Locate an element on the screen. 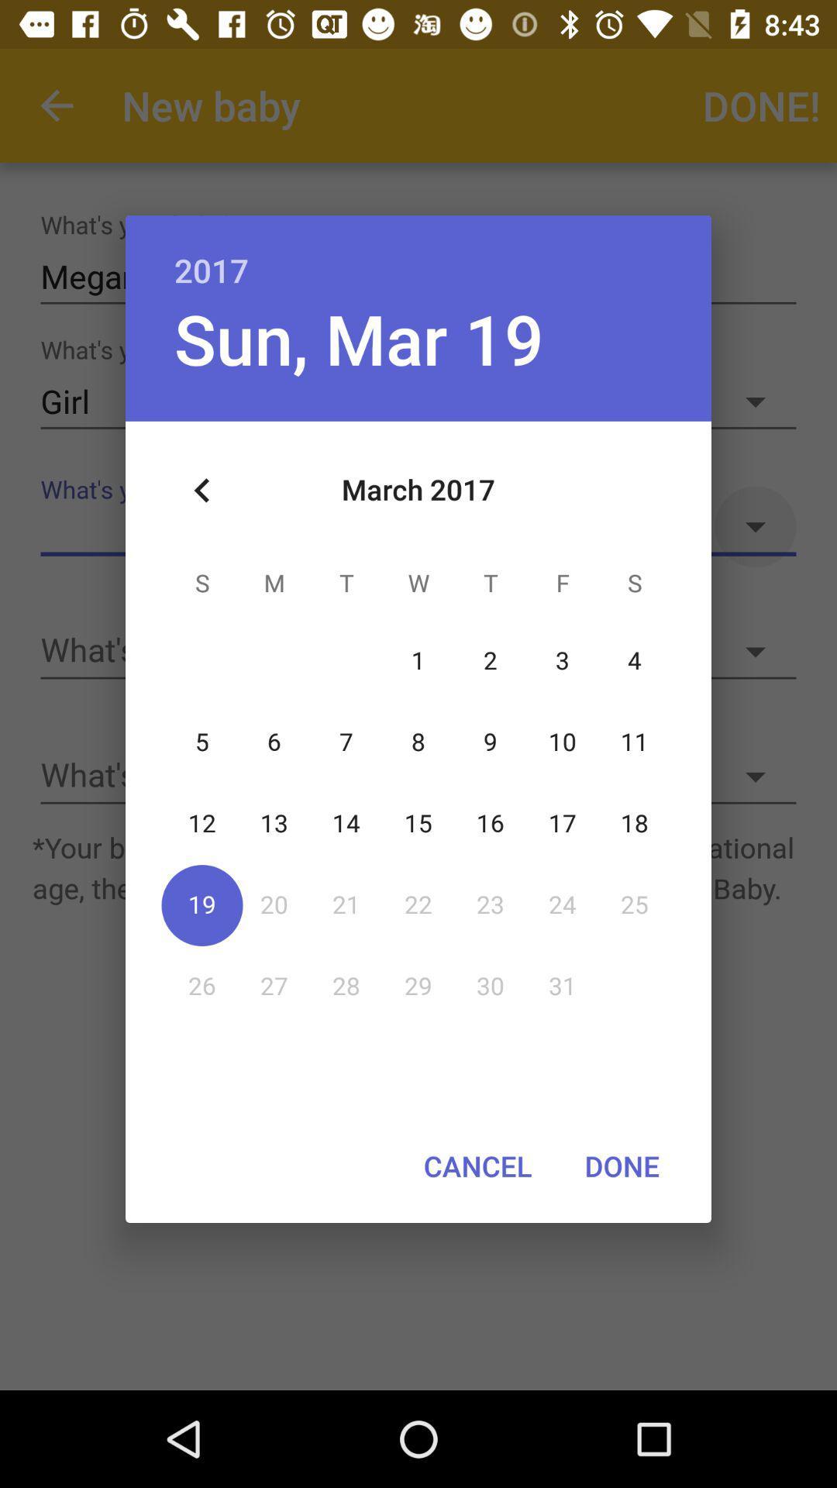 Image resolution: width=837 pixels, height=1488 pixels. cancel icon is located at coordinates (477, 1166).